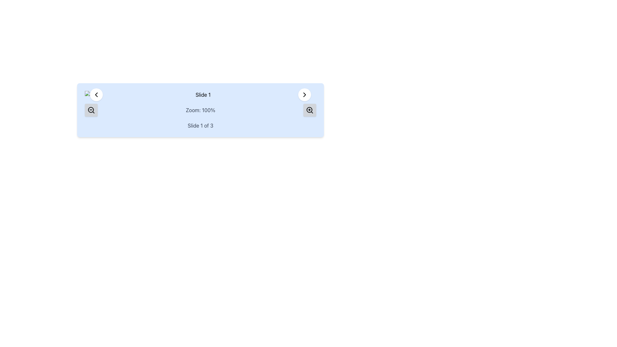 This screenshot has width=617, height=347. I want to click on the zoom-in icon button, which resembles a magnifying glass with a plus symbol centered on a gray button, located within a light blue content box, so click(310, 110).